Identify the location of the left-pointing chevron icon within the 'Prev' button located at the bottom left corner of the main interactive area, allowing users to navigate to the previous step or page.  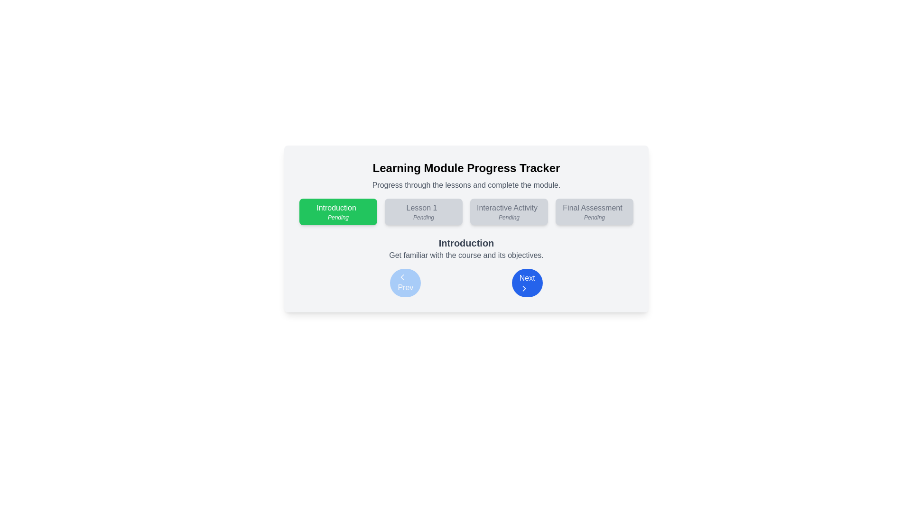
(402, 277).